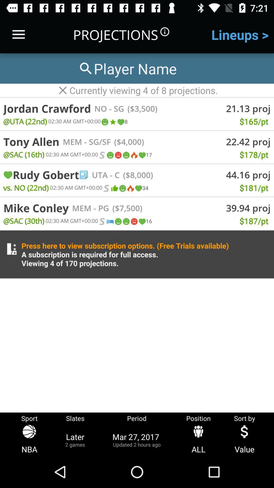 The image size is (274, 488). I want to click on search player name, so click(127, 68).